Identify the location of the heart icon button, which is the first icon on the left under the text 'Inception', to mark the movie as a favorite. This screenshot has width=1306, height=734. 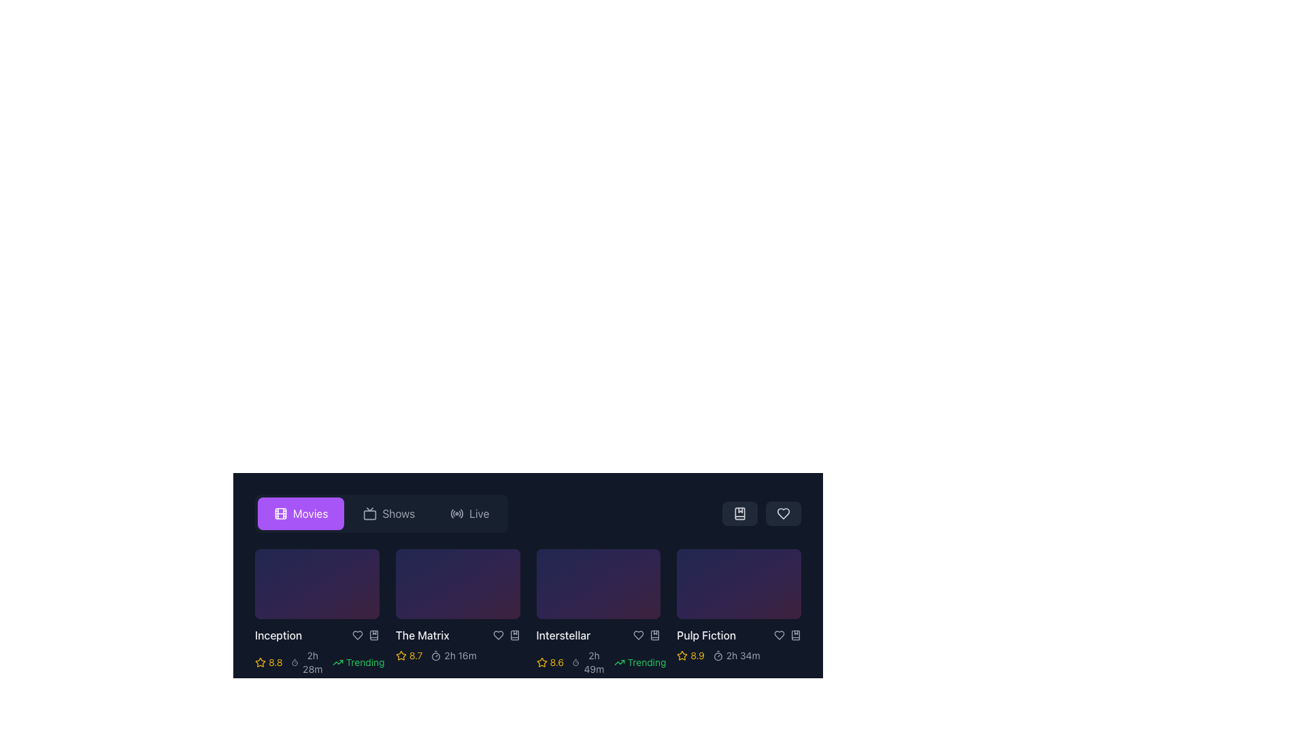
(357, 635).